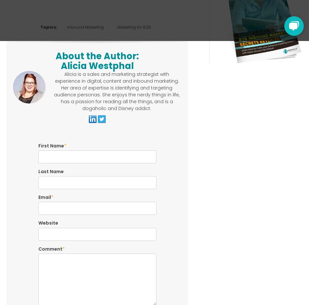 The height and width of the screenshot is (305, 309). What do you see at coordinates (48, 223) in the screenshot?
I see `'Website'` at bounding box center [48, 223].